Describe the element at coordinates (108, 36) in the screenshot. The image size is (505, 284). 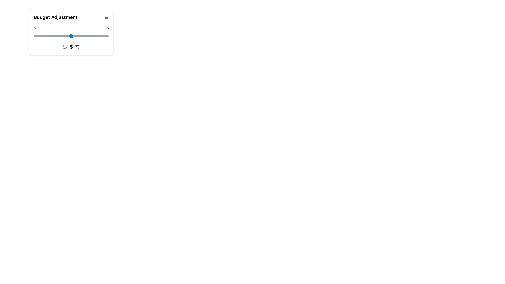
I see `the budget adjustment slider` at that location.